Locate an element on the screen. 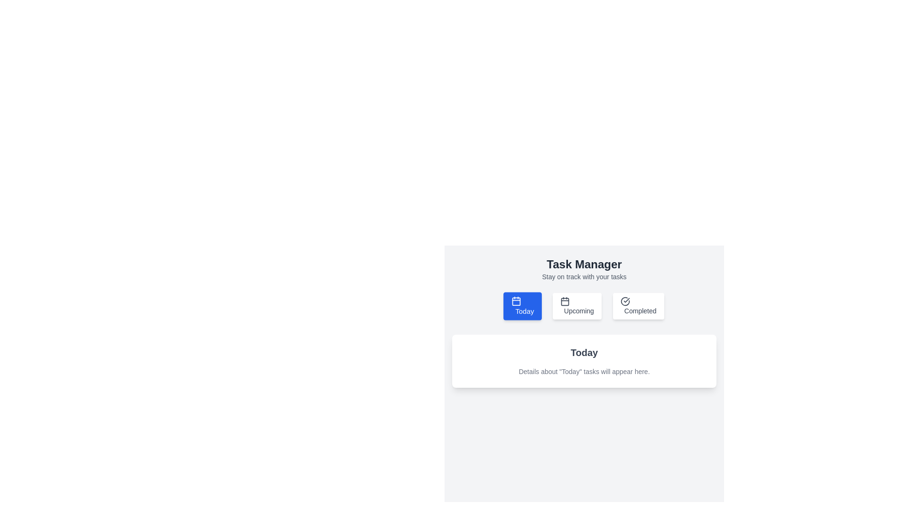 The width and height of the screenshot is (911, 512). text label that serves as the title for the section indicating 'Today', located at the center-bottom of the interface within a card-like structure is located at coordinates (584, 353).